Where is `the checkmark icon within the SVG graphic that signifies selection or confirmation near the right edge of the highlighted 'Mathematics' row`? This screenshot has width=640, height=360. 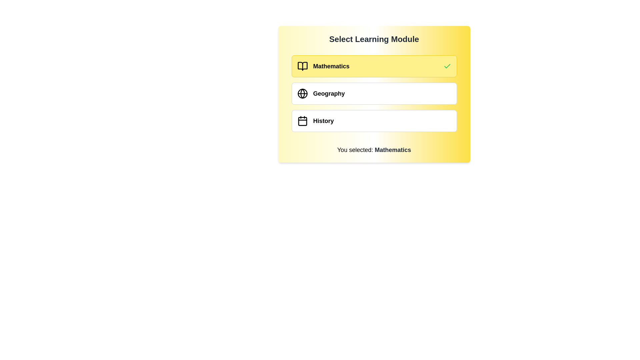 the checkmark icon within the SVG graphic that signifies selection or confirmation near the right edge of the highlighted 'Mathematics' row is located at coordinates (447, 66).